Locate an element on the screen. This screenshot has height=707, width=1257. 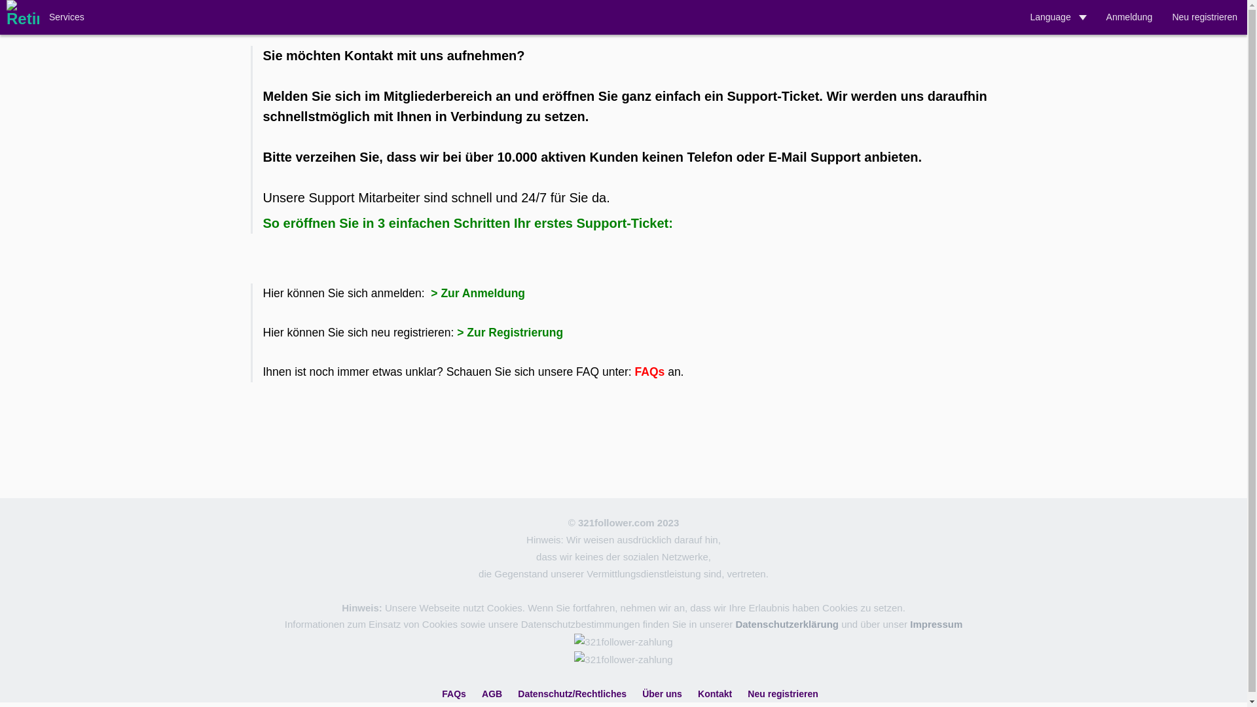
'Services' is located at coordinates (39, 17).